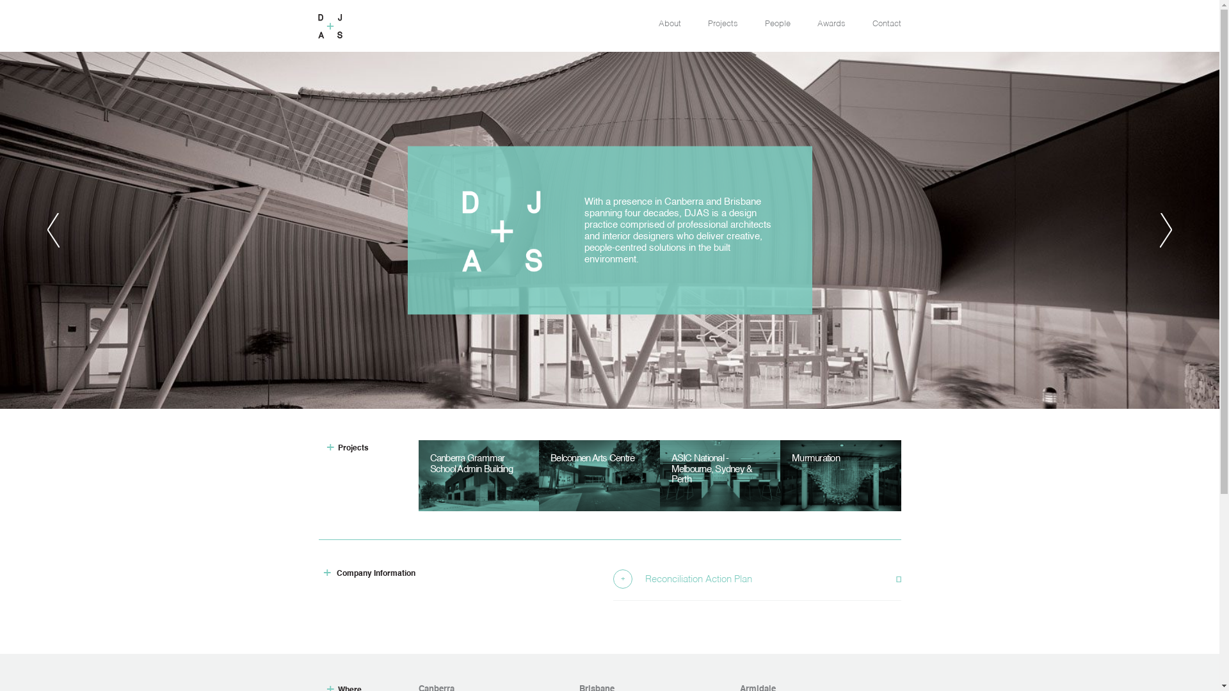  I want to click on 'People', so click(776, 24).